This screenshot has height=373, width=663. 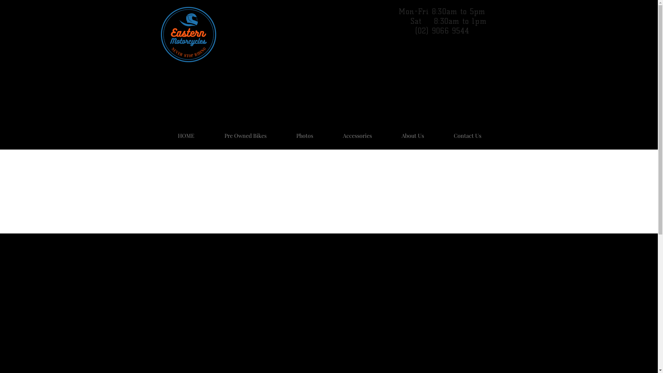 I want to click on 'Contact Us', so click(x=438, y=133).